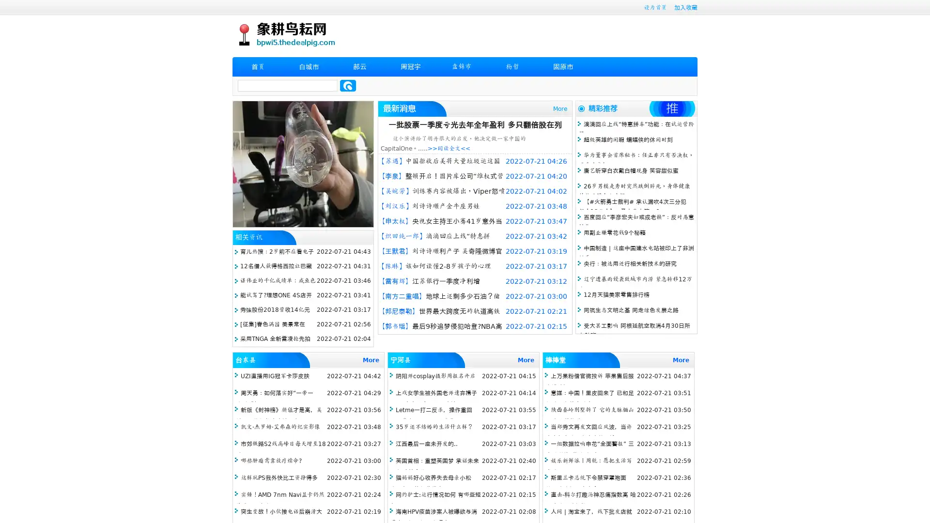  I want to click on Search, so click(348, 85).